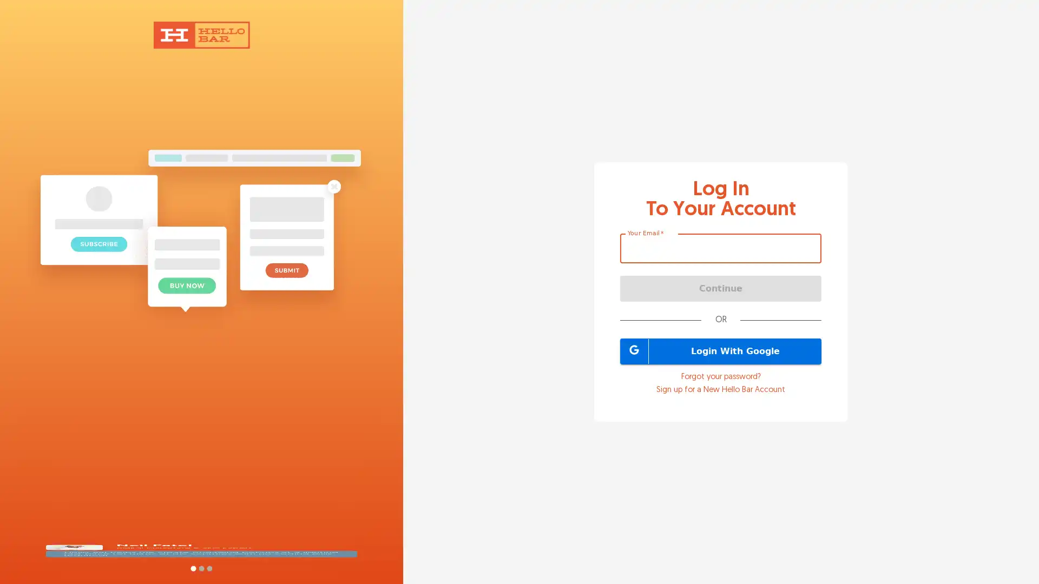 This screenshot has width=1039, height=584. Describe the element at coordinates (721, 350) in the screenshot. I see `Login With Google` at that location.